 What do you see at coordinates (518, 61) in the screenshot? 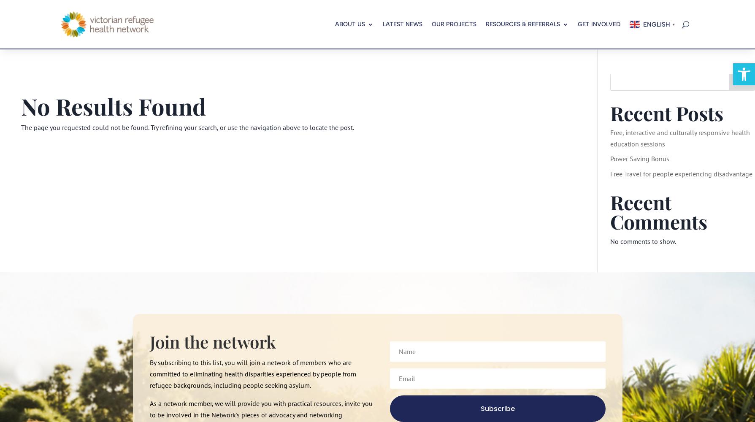
I see `'Tools for Health Professionals'` at bounding box center [518, 61].